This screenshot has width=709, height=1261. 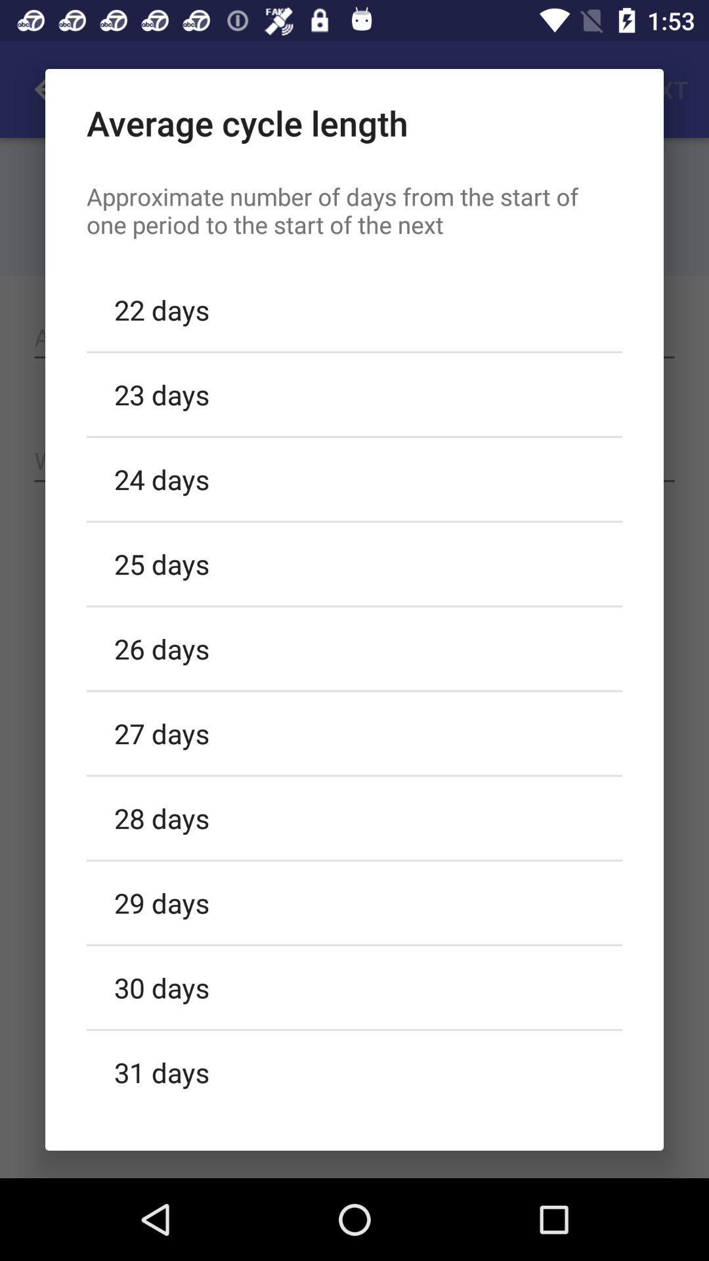 What do you see at coordinates (354, 393) in the screenshot?
I see `23 days item` at bounding box center [354, 393].